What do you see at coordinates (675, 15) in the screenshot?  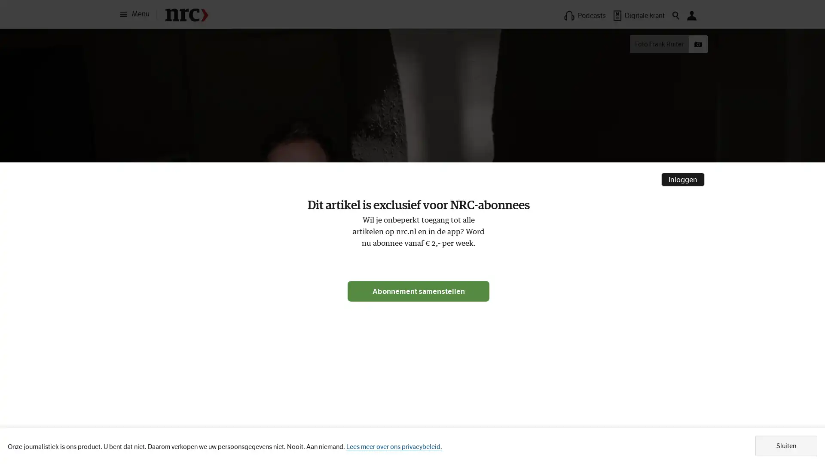 I see `Zoeken` at bounding box center [675, 15].